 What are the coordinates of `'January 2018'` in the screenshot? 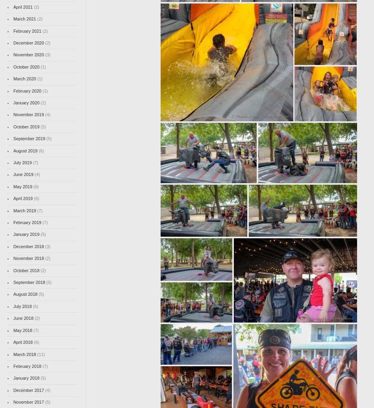 It's located at (13, 378).